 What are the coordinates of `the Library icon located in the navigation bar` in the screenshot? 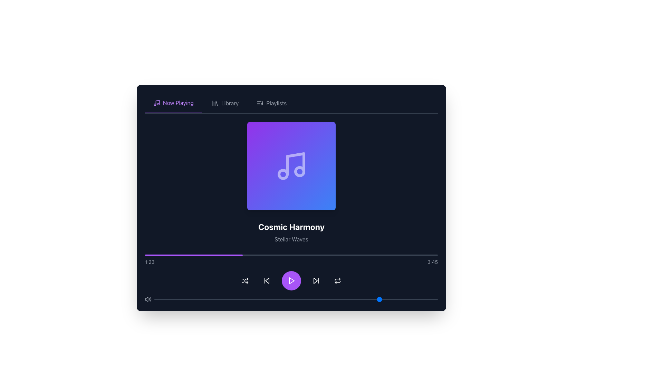 It's located at (214, 103).